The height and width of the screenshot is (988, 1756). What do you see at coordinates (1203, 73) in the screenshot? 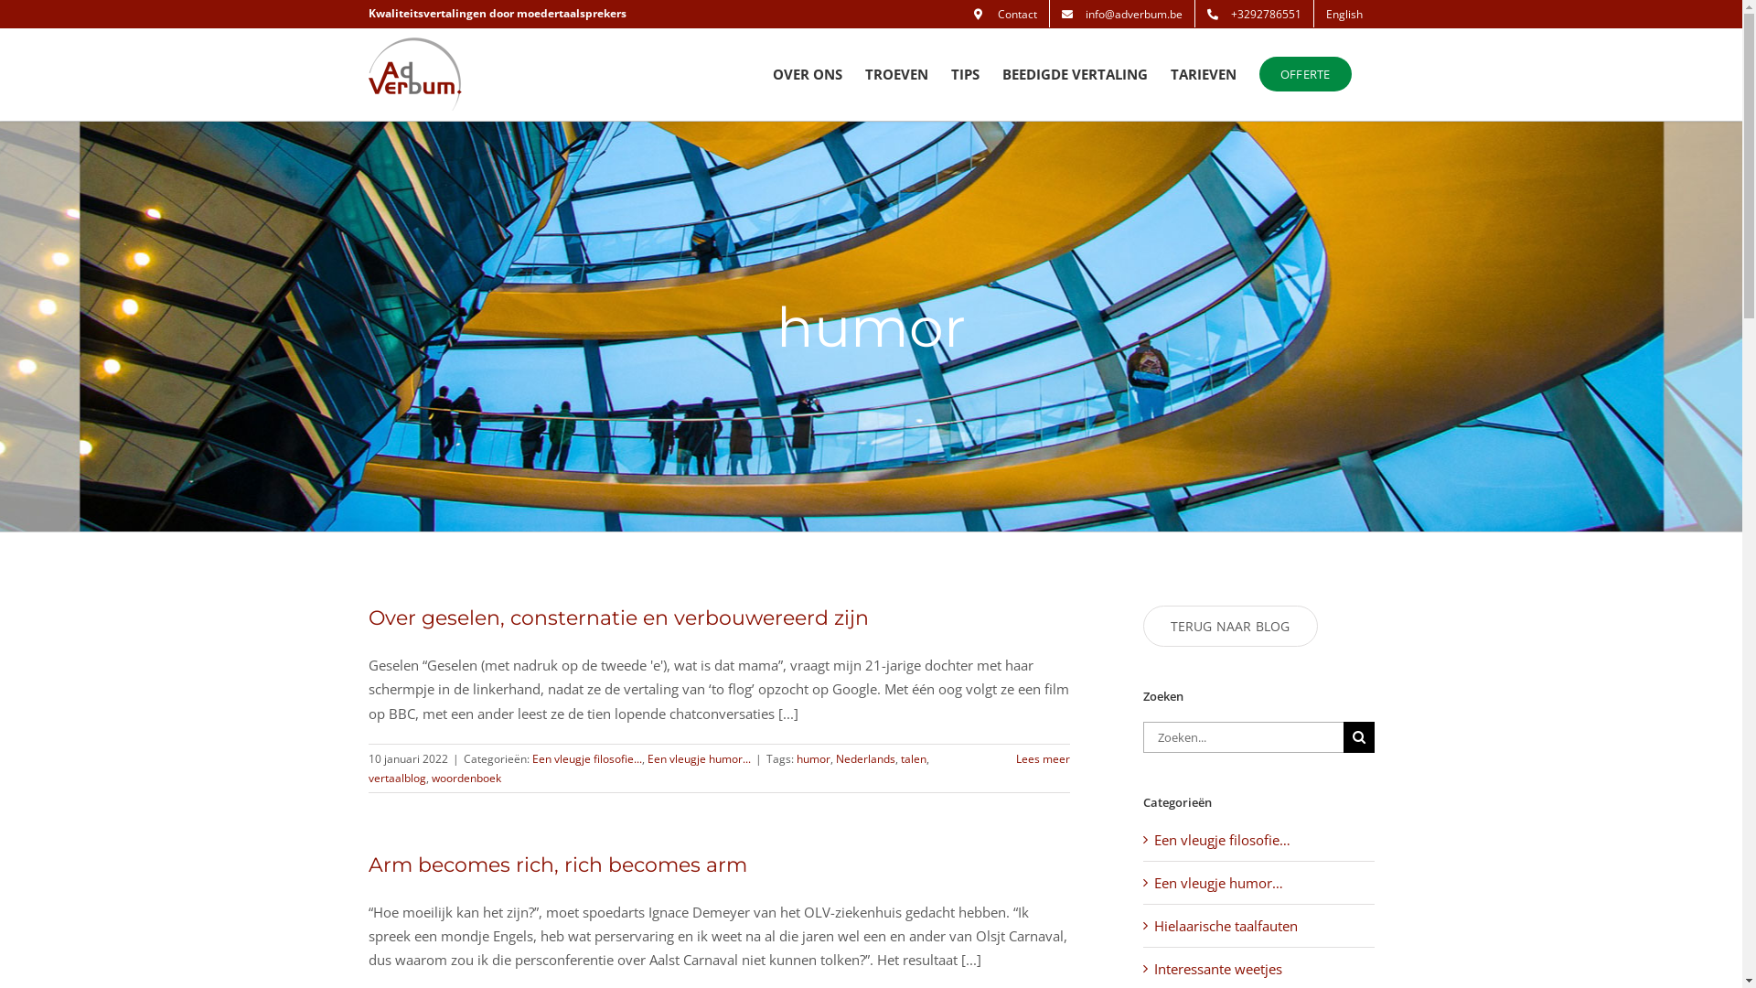
I see `'TARIEVEN'` at bounding box center [1203, 73].